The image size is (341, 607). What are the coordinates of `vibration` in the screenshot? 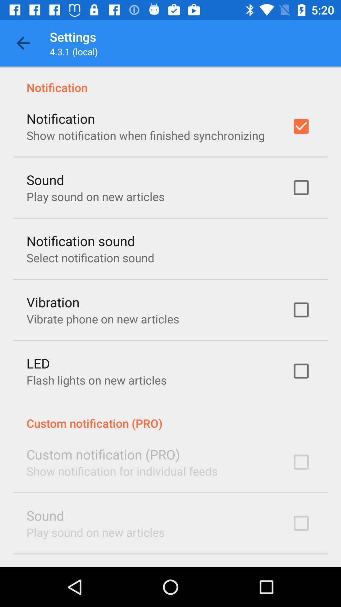 It's located at (53, 302).